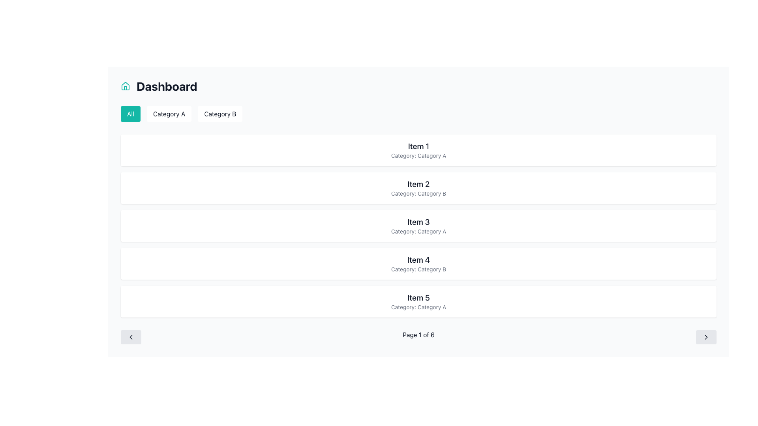 The width and height of the screenshot is (758, 426). Describe the element at coordinates (418, 226) in the screenshot. I see `text on the Information Card titled 'Item 3' with the subtitle 'Category: Category A', which is the third card in a vertically stacked list of five cards` at that location.